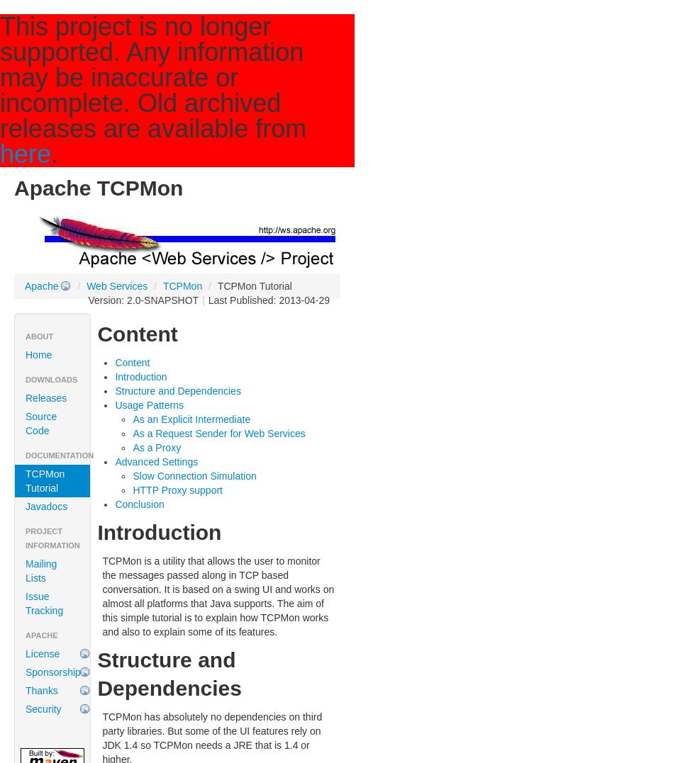  I want to click on 'Home', so click(38, 354).